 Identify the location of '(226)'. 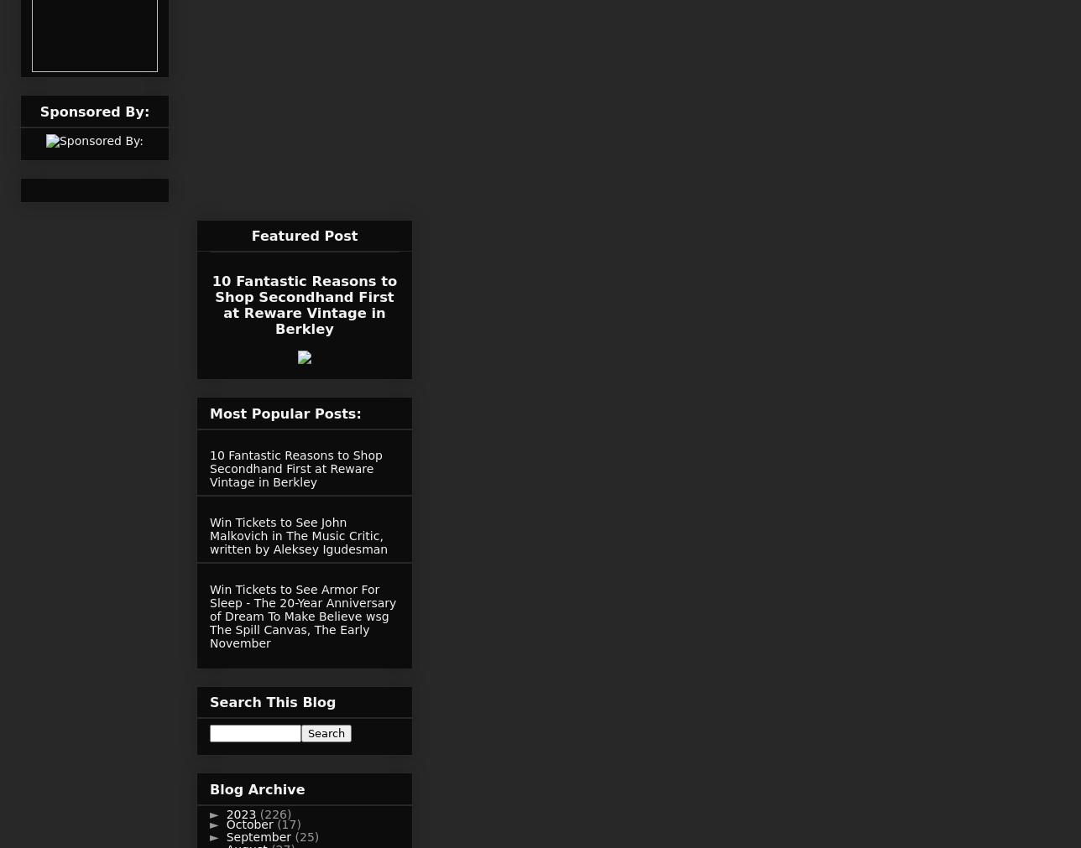
(275, 814).